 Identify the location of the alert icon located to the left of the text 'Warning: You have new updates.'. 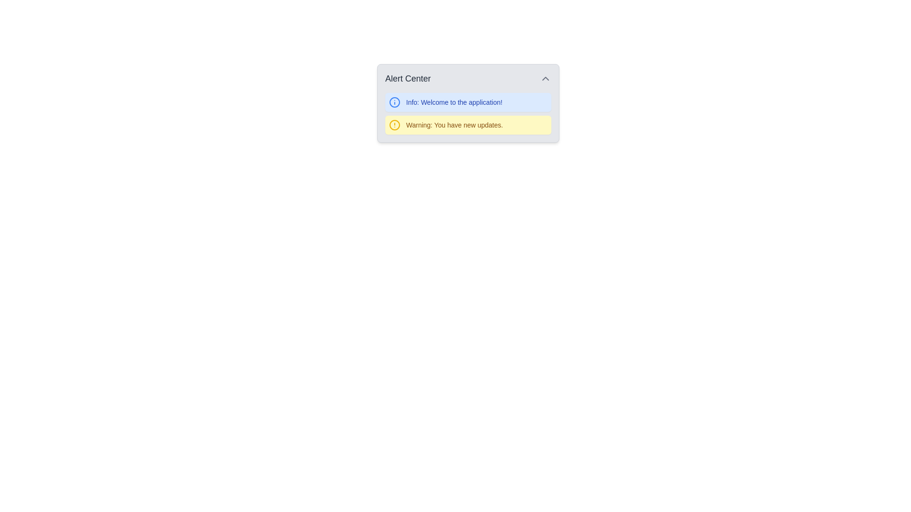
(394, 124).